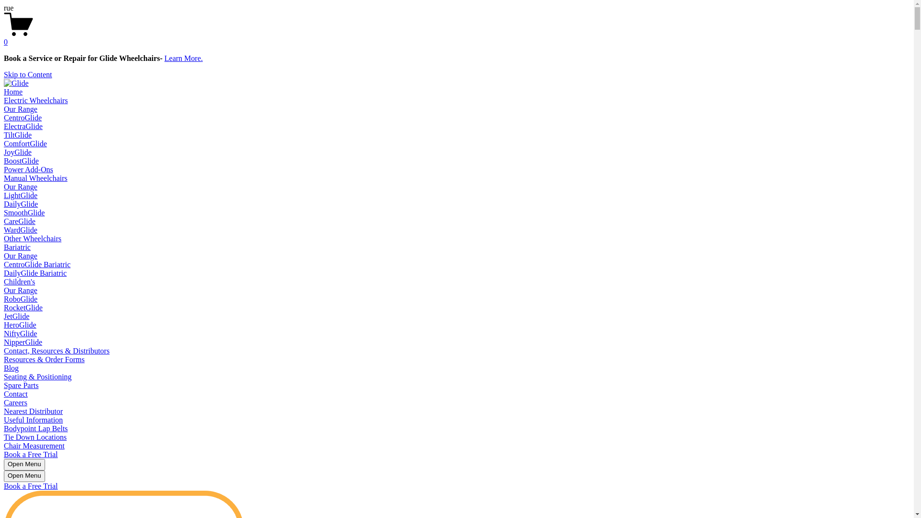  I want to click on 'JoyGlide', so click(18, 152).